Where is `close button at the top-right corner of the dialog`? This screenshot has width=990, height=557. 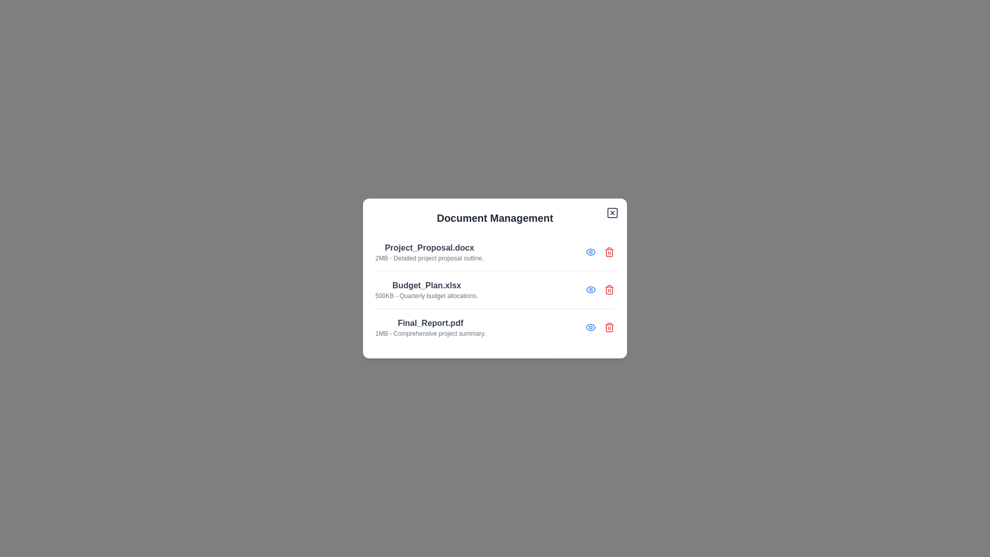 close button at the top-right corner of the dialog is located at coordinates (613, 212).